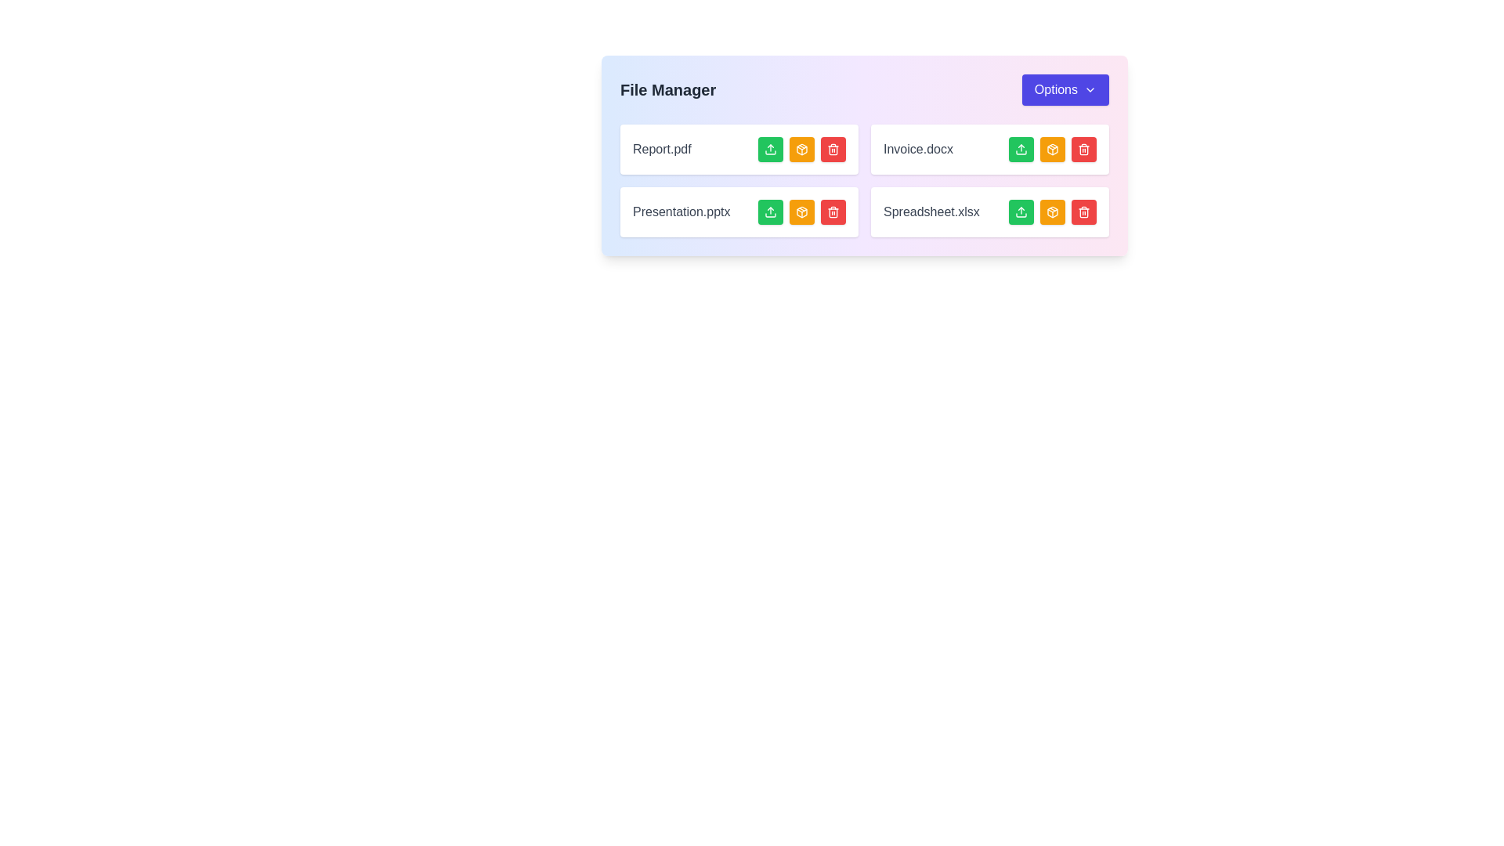  I want to click on text of the file name label located at the bottom-right entry of the file management interface, which follows 'Presentation.pptx', so click(931, 211).